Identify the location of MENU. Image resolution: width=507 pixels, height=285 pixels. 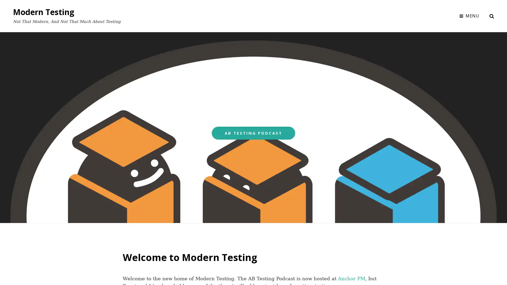
(469, 16).